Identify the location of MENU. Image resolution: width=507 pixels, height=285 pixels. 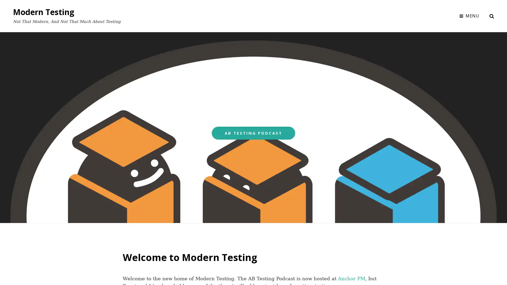
(469, 16).